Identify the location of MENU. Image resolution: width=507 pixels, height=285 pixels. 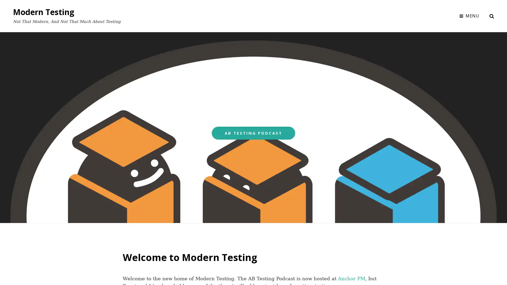
(469, 16).